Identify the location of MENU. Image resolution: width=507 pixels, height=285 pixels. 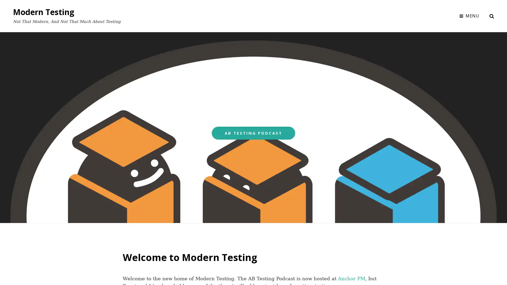
(469, 16).